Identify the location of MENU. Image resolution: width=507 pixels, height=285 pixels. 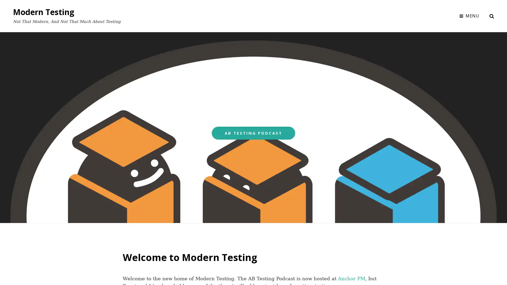
(469, 16).